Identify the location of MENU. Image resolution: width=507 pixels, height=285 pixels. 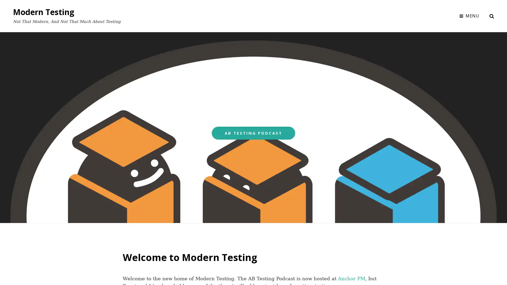
(469, 16).